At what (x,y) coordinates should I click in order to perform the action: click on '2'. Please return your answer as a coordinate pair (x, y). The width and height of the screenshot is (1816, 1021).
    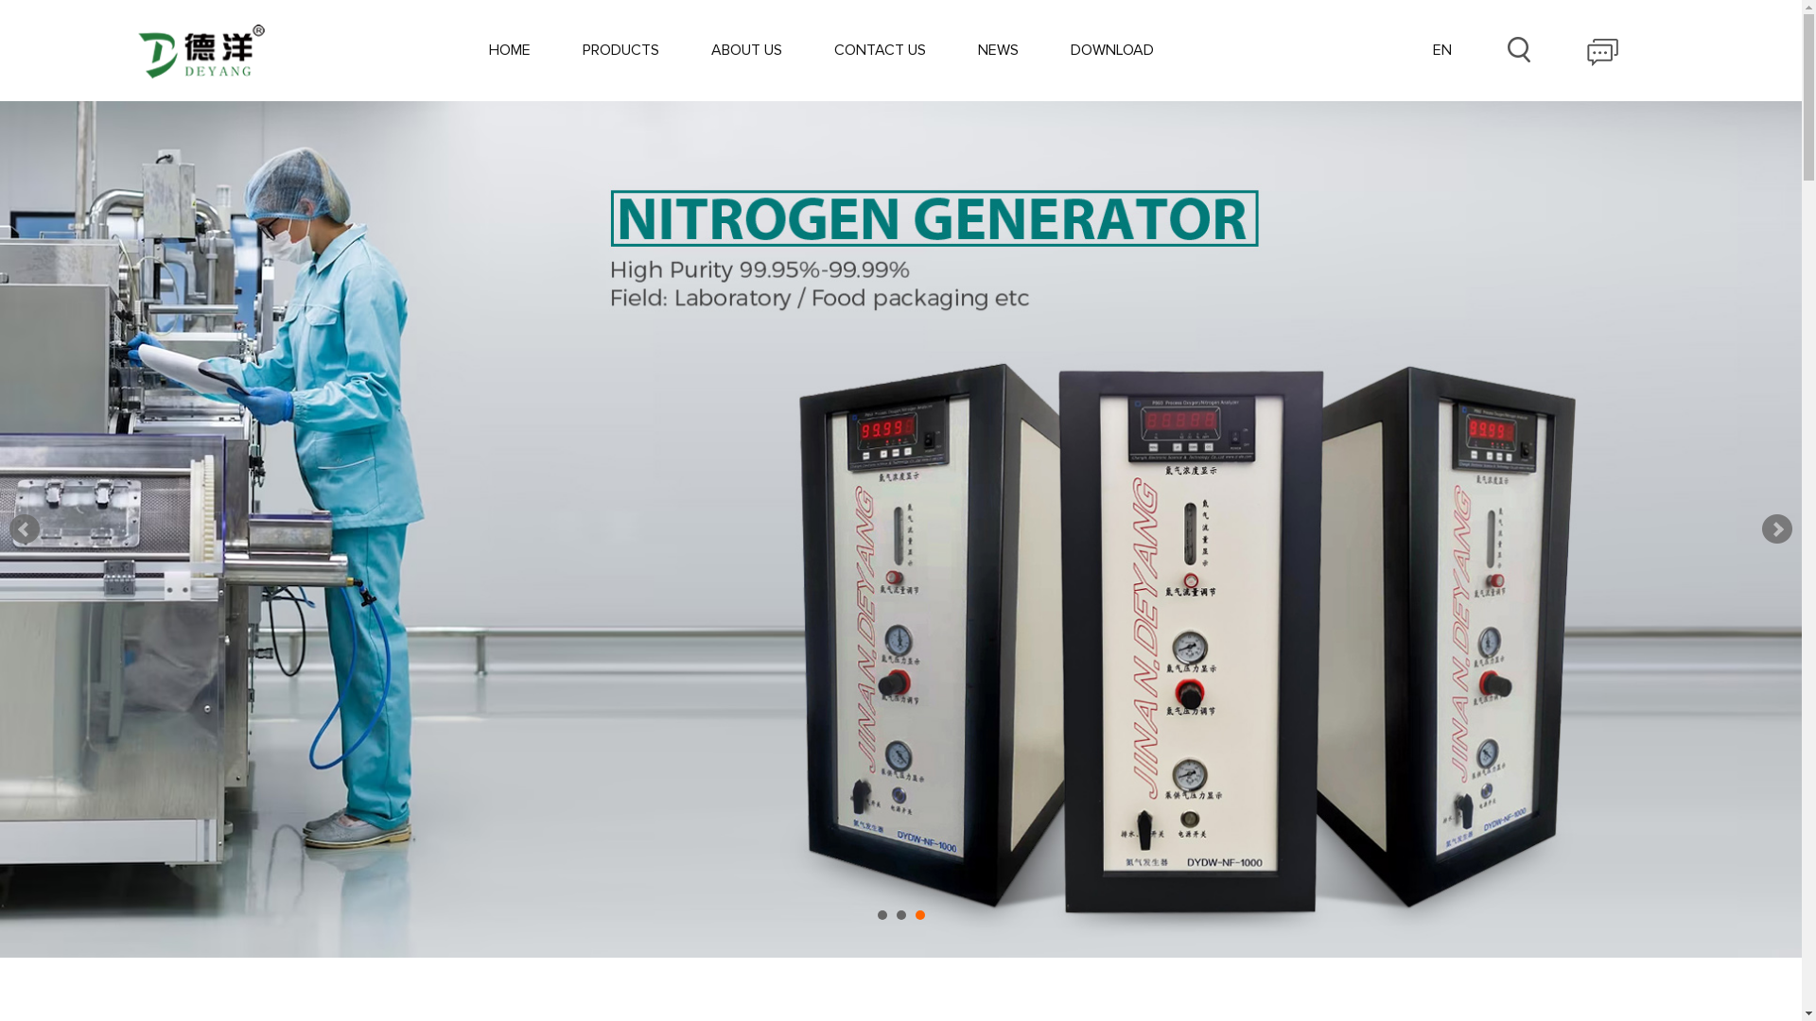
    Looking at the image, I should click on (900, 914).